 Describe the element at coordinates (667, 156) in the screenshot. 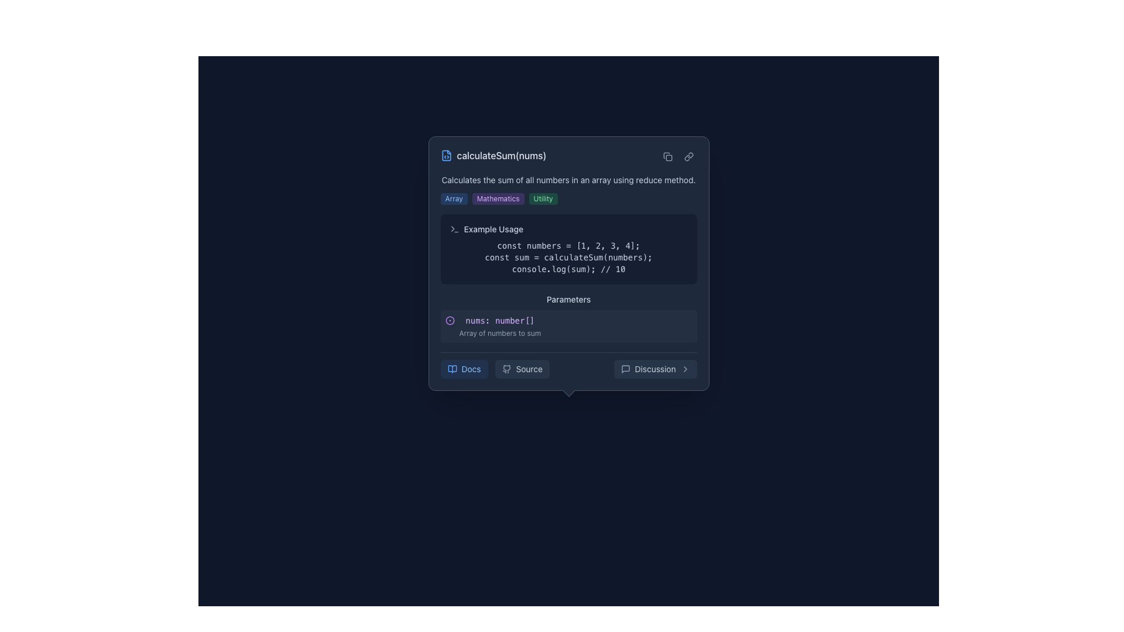

I see `the small square icon button that resembles two overlapping squares, located in the top-right section of the modal` at that location.